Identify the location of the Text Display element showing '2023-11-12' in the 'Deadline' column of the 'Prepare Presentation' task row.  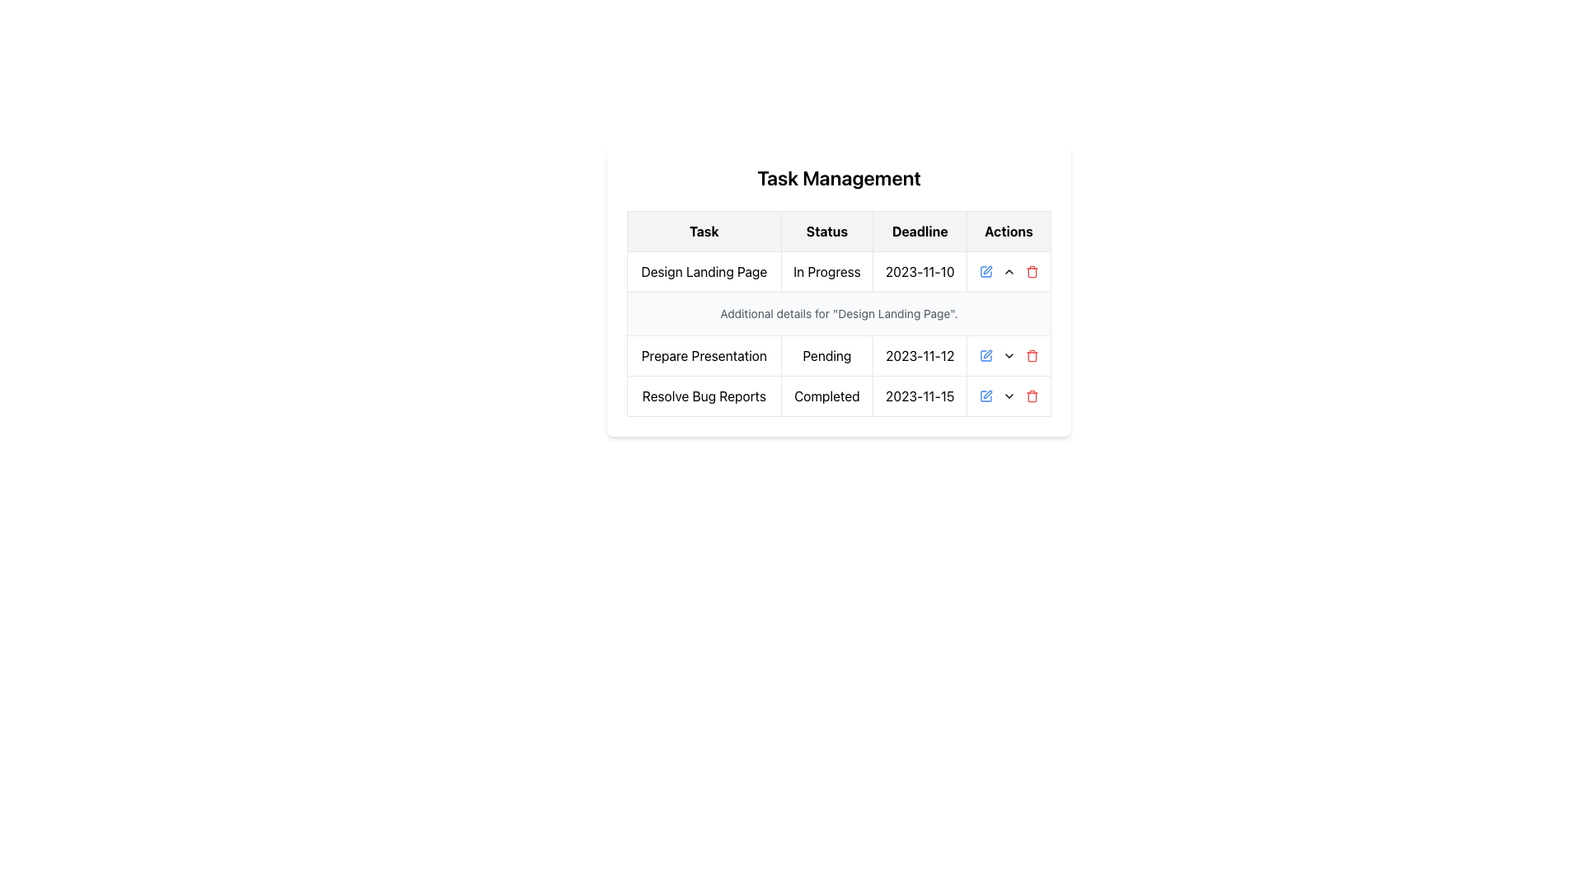
(919, 355).